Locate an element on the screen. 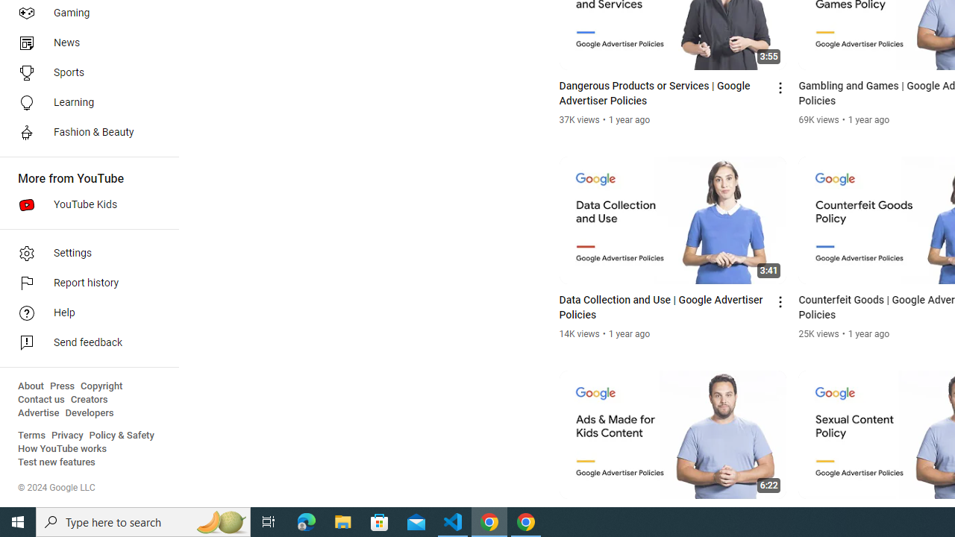  'Developers' is located at coordinates (89, 413).